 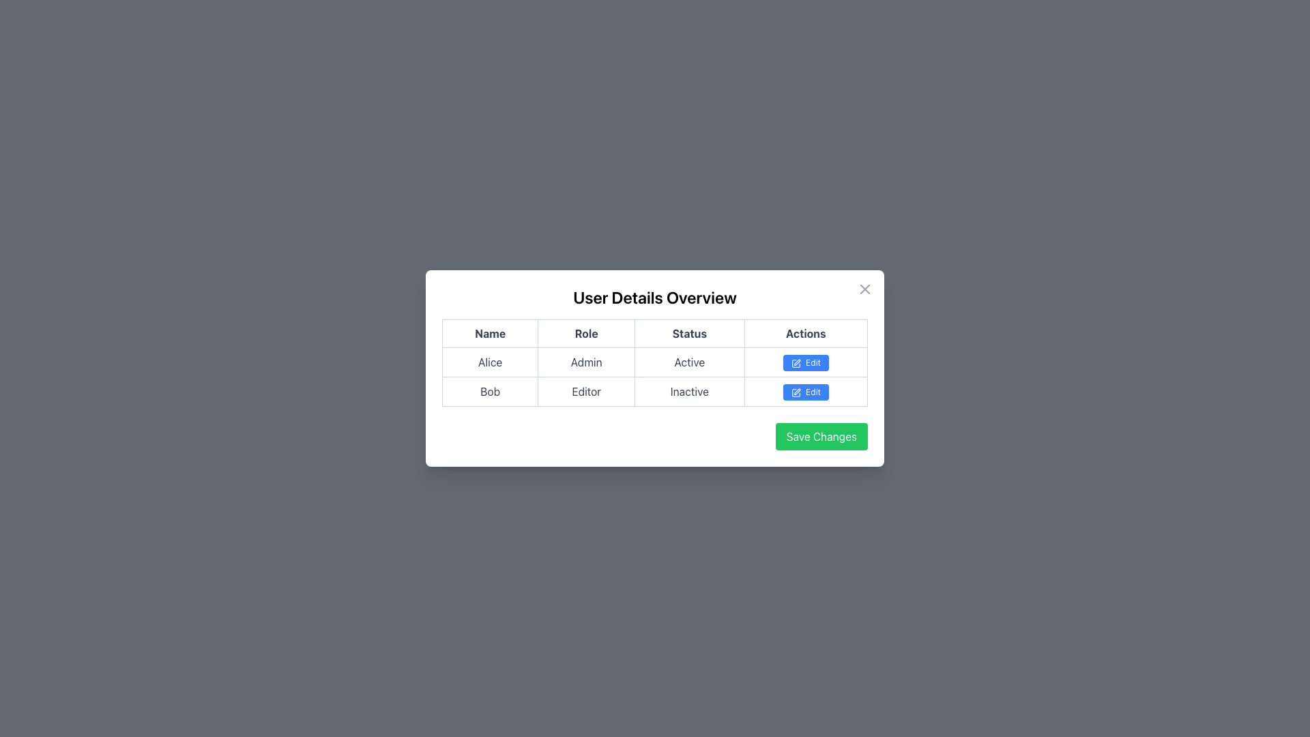 I want to click on the 'Name' column header, so click(x=490, y=334).